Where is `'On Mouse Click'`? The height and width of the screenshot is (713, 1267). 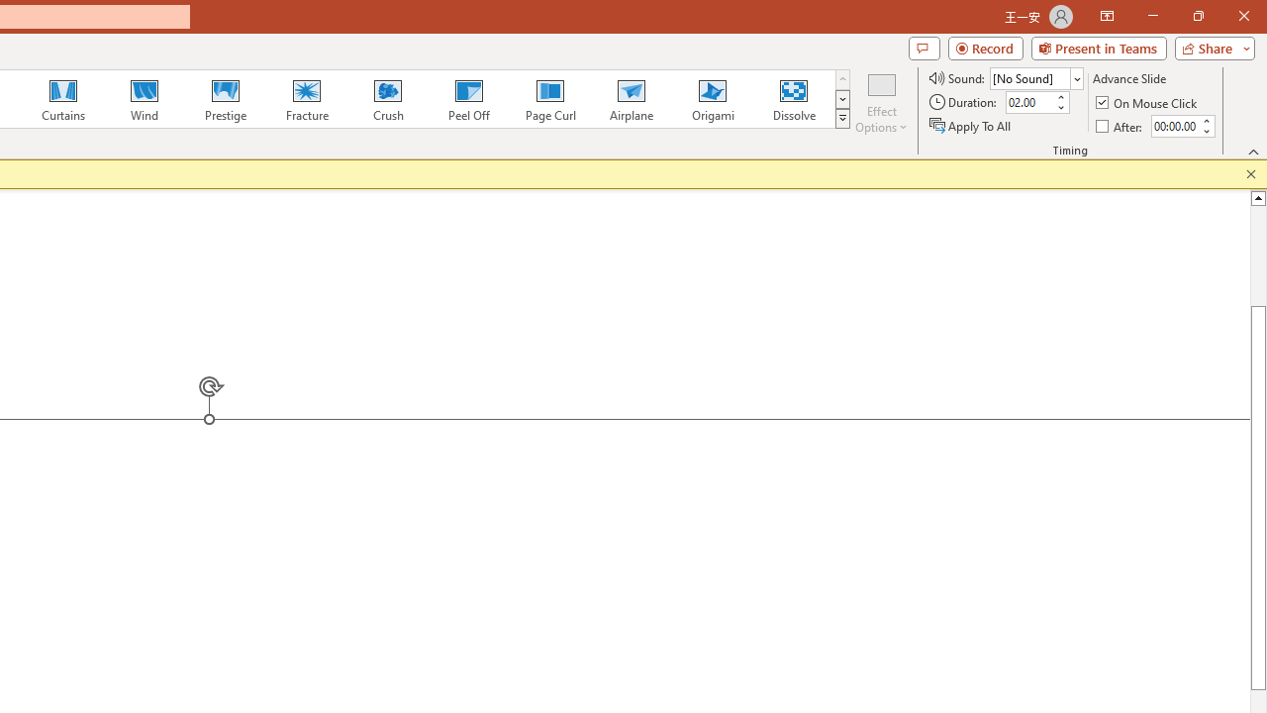
'On Mouse Click' is located at coordinates (1147, 102).